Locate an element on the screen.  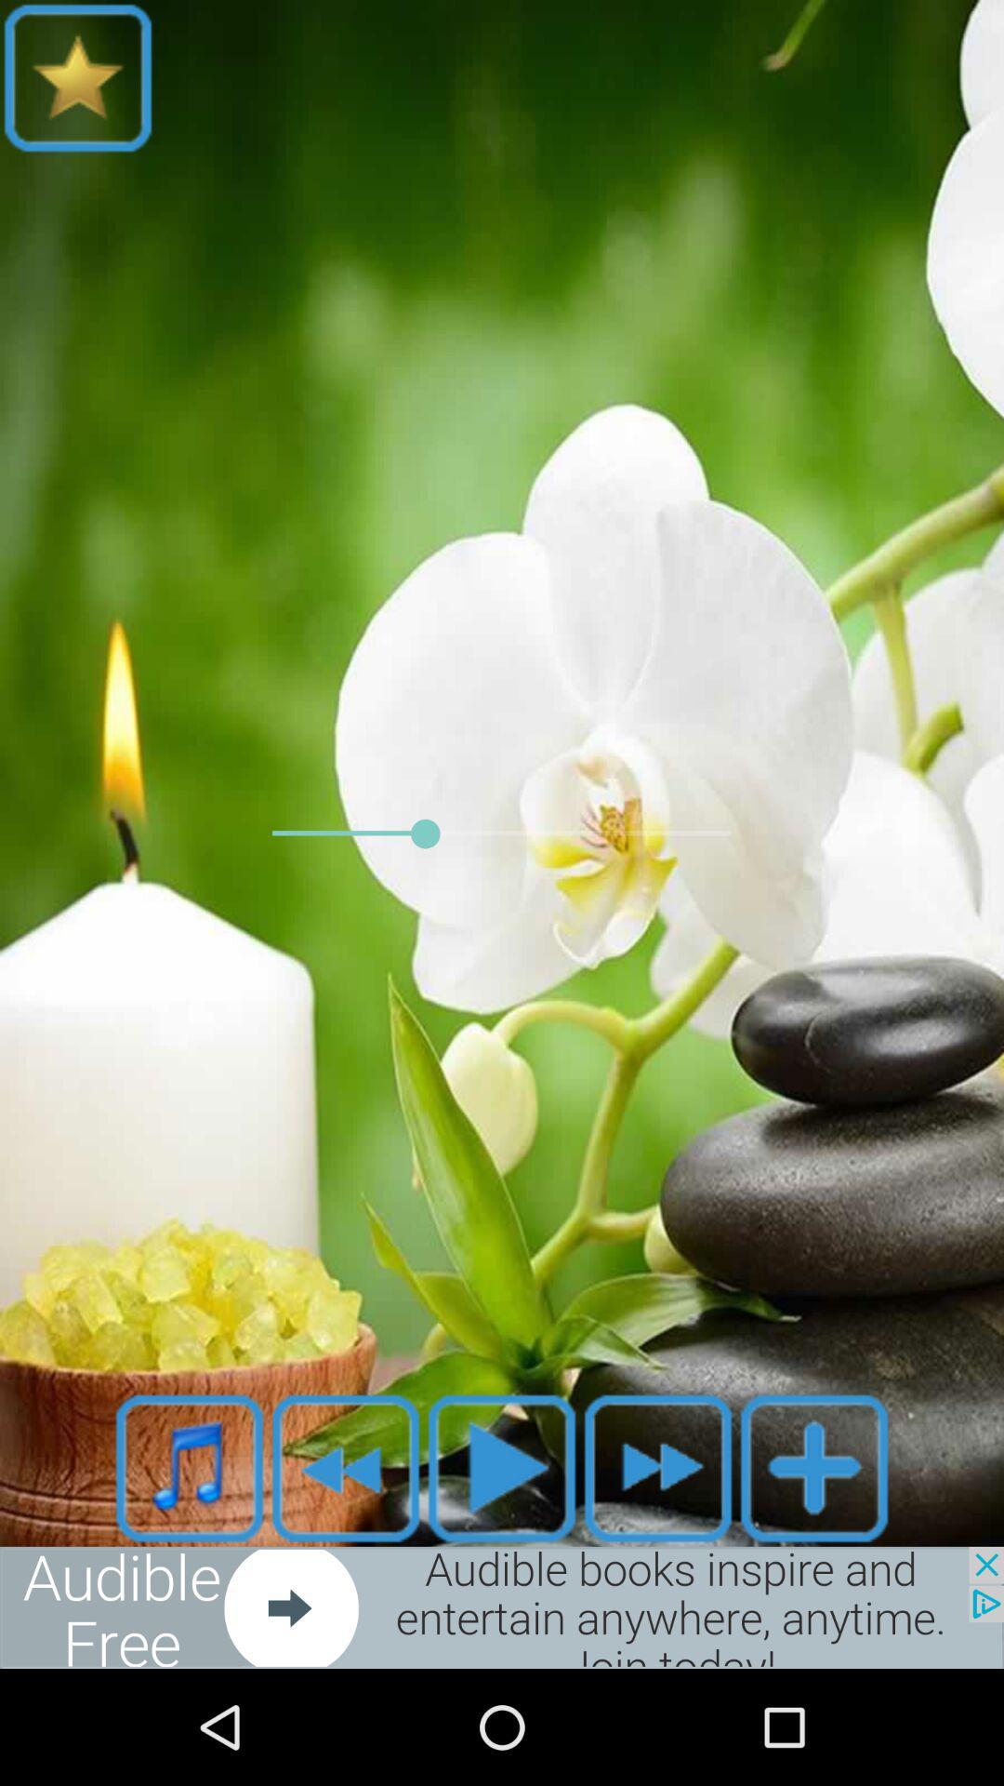
this is located at coordinates (502, 1467).